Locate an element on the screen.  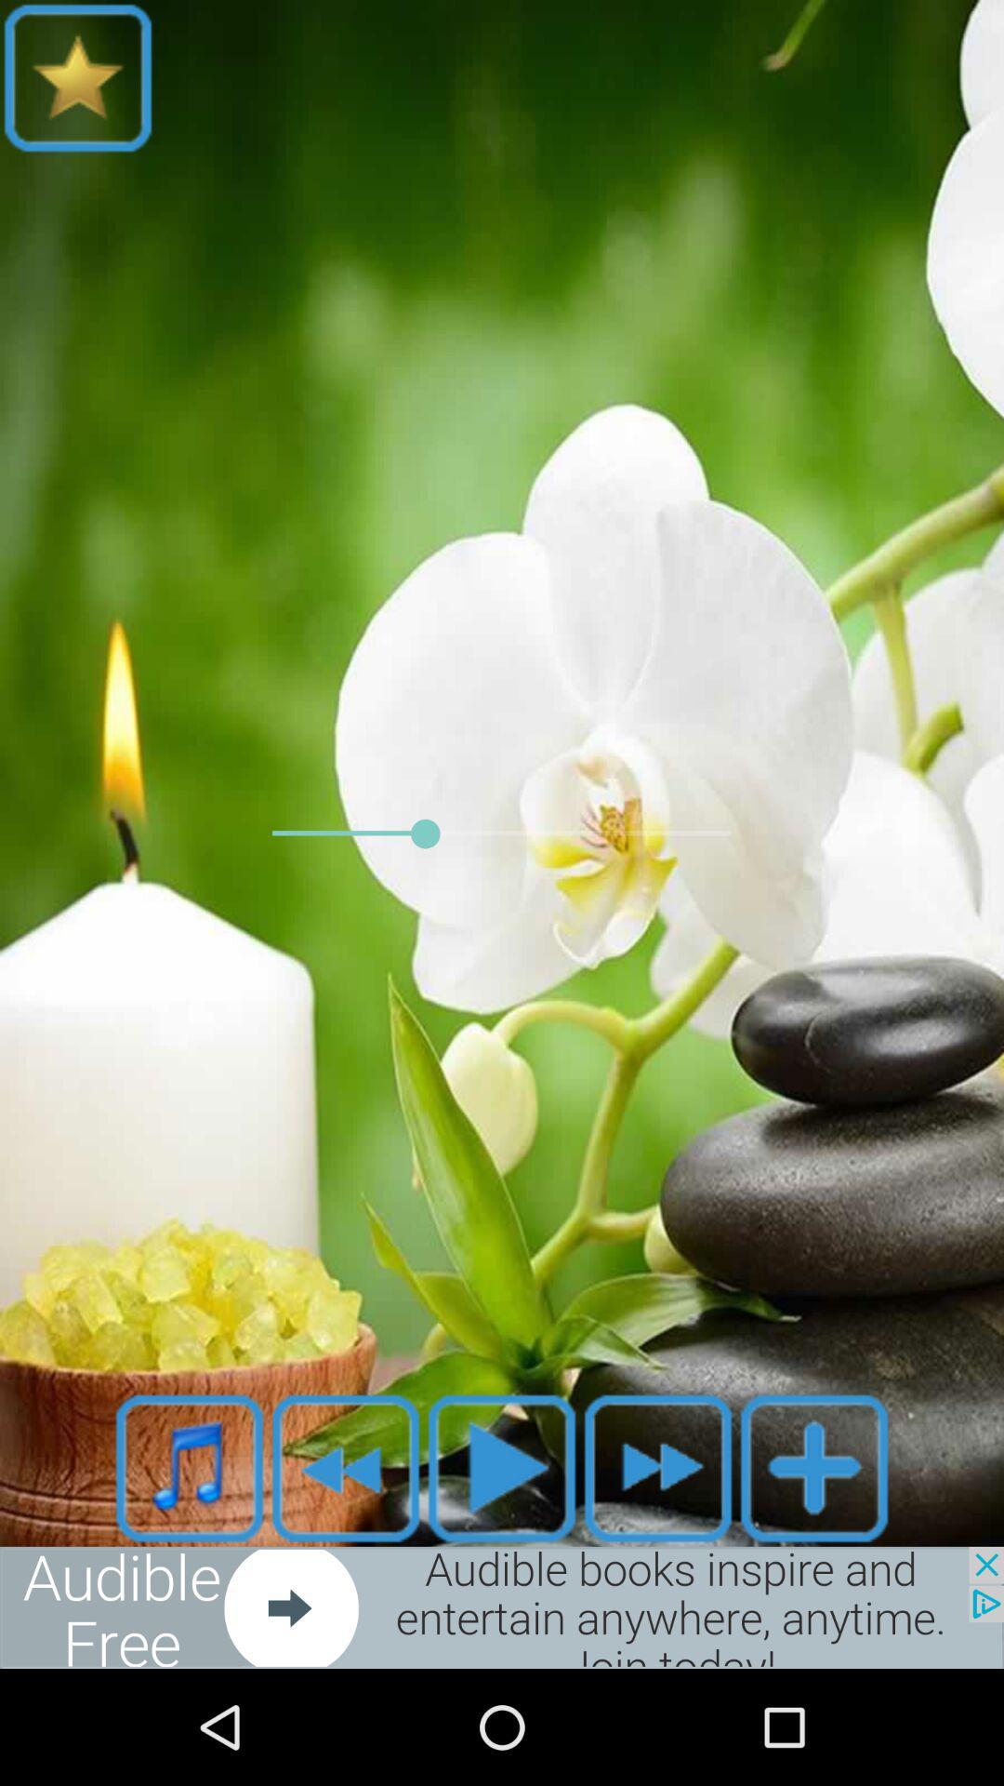
this is located at coordinates (502, 1467).